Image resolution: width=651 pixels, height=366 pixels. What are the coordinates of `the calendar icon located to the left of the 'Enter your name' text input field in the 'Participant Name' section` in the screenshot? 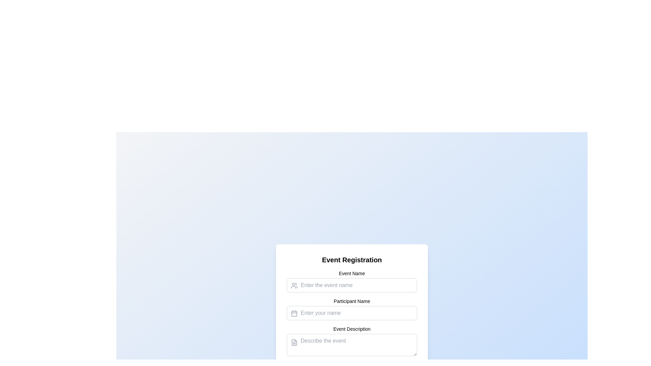 It's located at (294, 313).